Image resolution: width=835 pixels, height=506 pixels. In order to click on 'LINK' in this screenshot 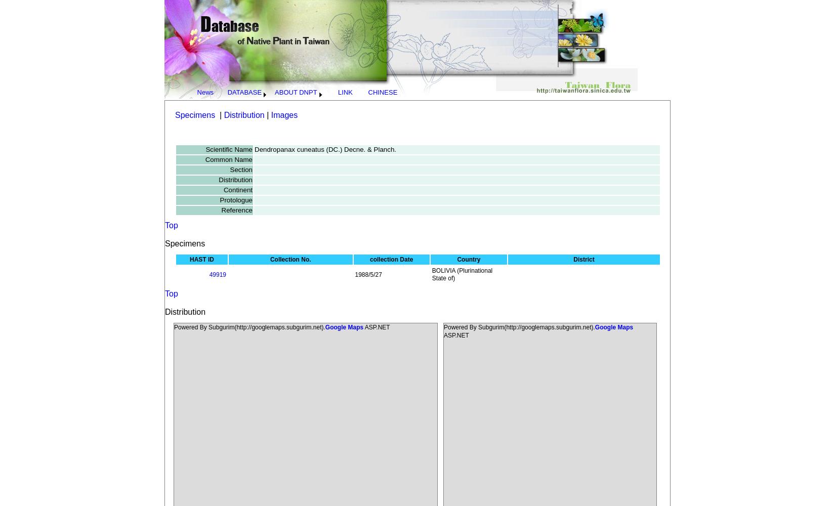, I will do `click(345, 92)`.